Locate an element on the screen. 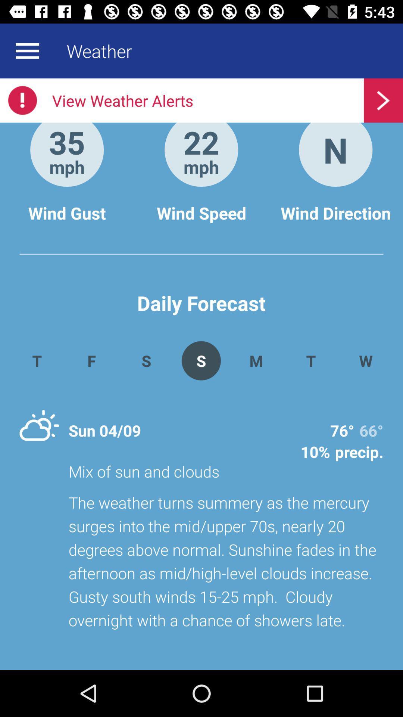 The width and height of the screenshot is (403, 717). the app above mix of sun icon is located at coordinates (256, 360).